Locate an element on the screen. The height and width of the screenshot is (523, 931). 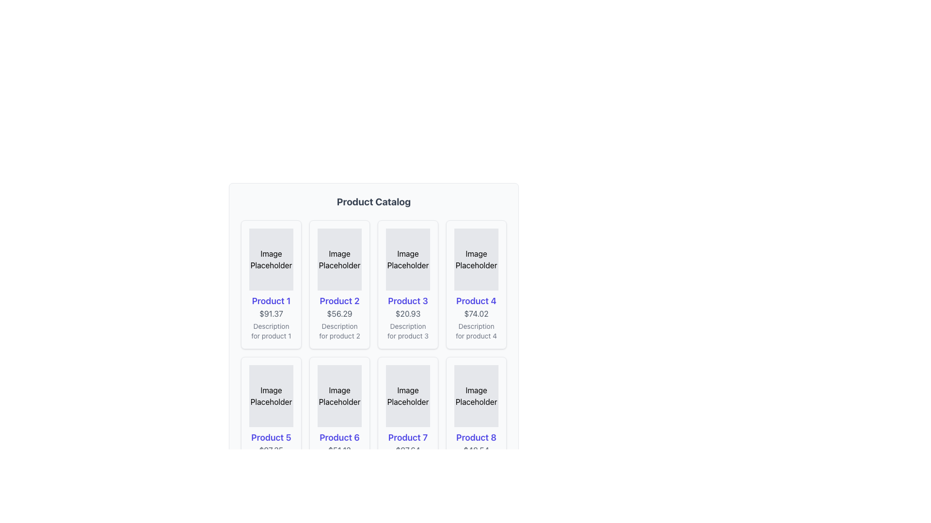
the rectangular placeholder element with a light gray background and centered text reading 'Image Placeholder' located above the title 'Product 4' is located at coordinates (476, 259).